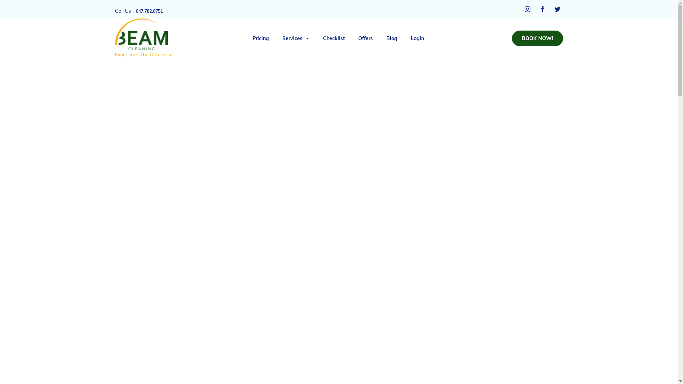 The image size is (683, 384). Describe the element at coordinates (149, 11) in the screenshot. I see `'647.782.6751'` at that location.